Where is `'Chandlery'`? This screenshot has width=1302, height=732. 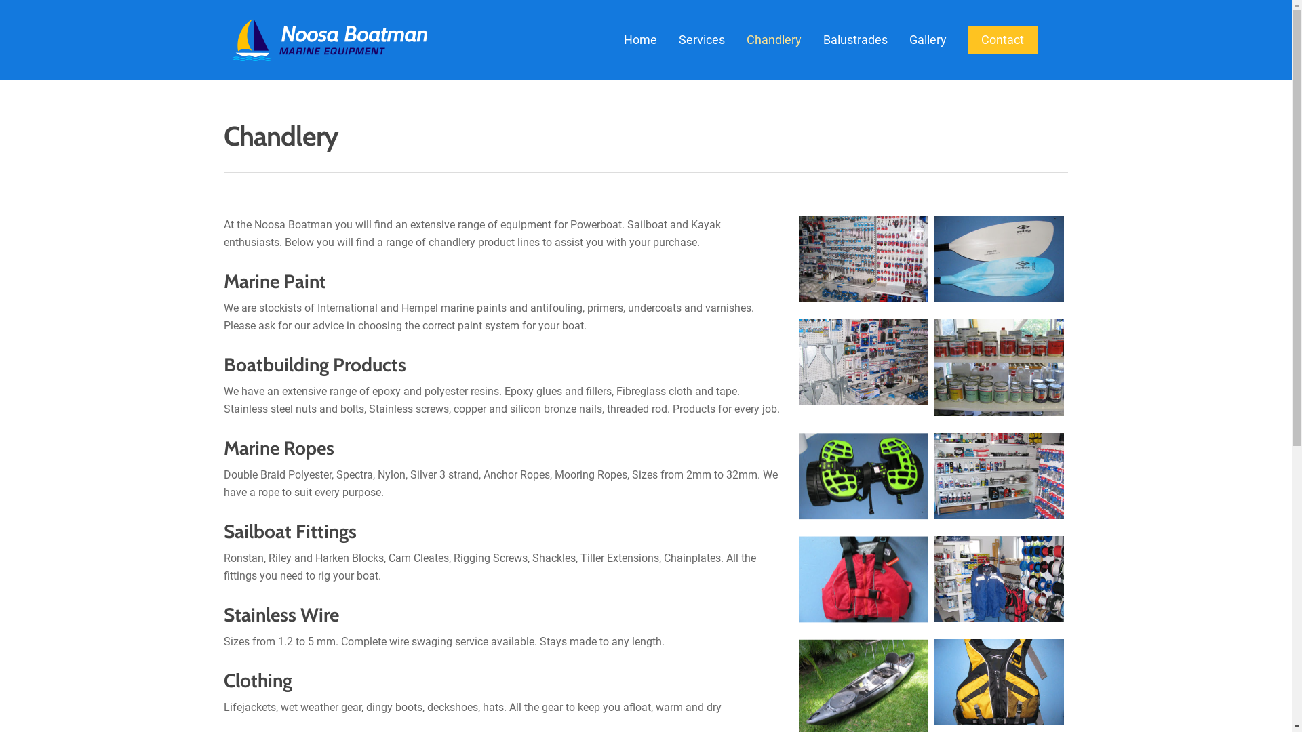 'Chandlery' is located at coordinates (774, 39).